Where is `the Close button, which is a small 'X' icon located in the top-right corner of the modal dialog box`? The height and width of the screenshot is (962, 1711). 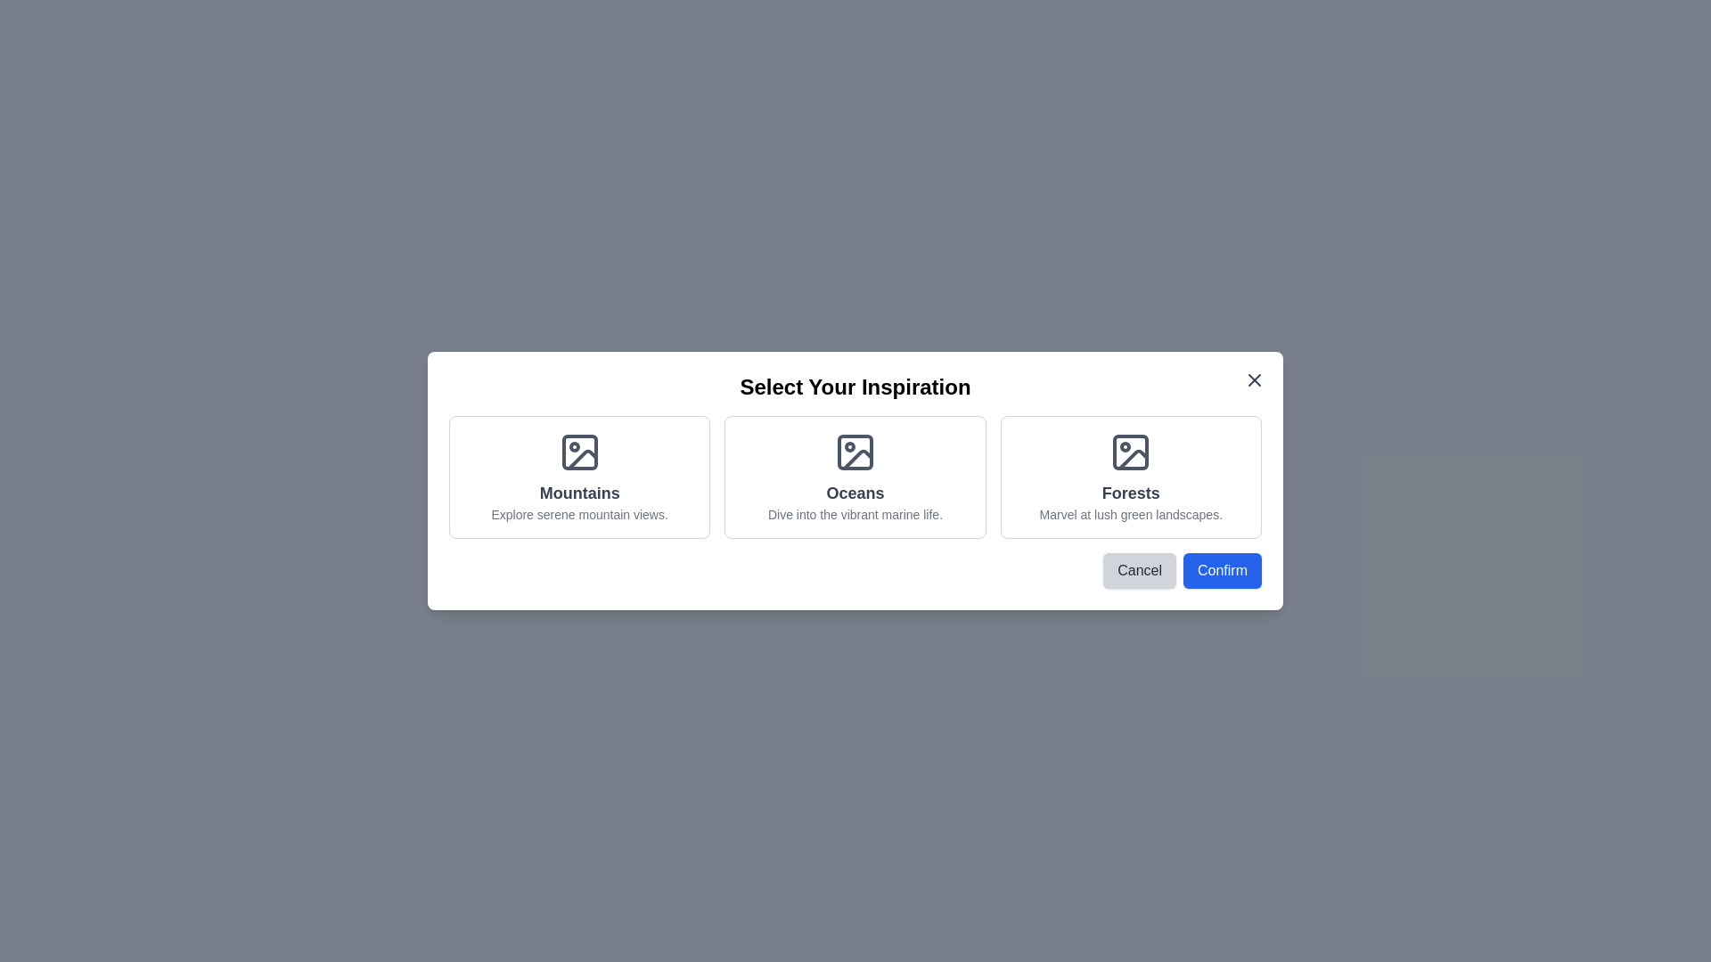 the Close button, which is a small 'X' icon located in the top-right corner of the modal dialog box is located at coordinates (1253, 379).